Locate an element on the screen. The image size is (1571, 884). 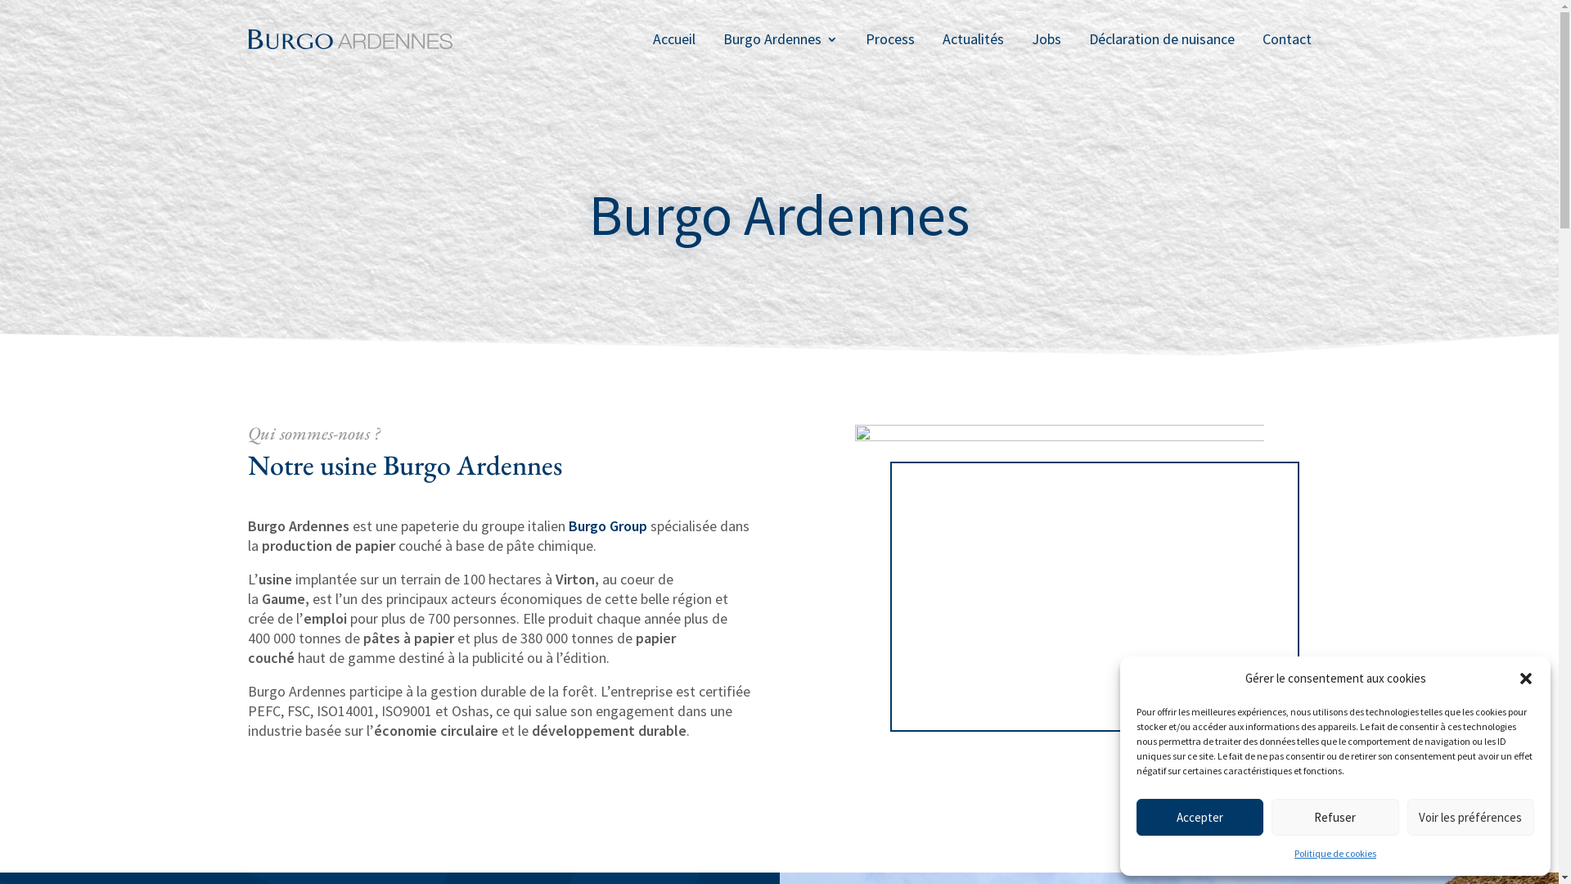
'Refuser' is located at coordinates (1335, 817).